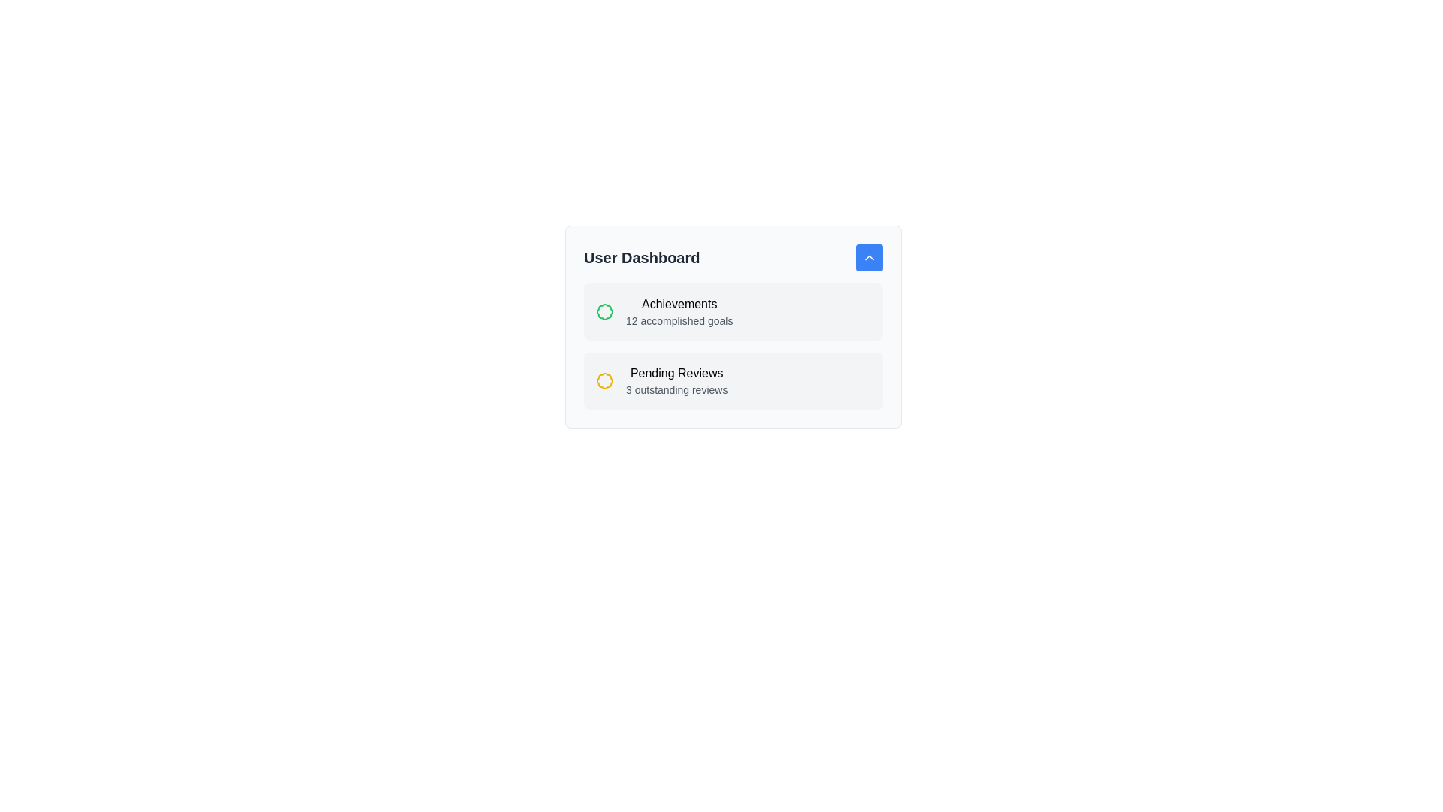 Image resolution: width=1443 pixels, height=812 pixels. What do you see at coordinates (605, 380) in the screenshot?
I see `the yellow badge icon located to the left of the 'Pending Reviews' label in the dashboard section` at bounding box center [605, 380].